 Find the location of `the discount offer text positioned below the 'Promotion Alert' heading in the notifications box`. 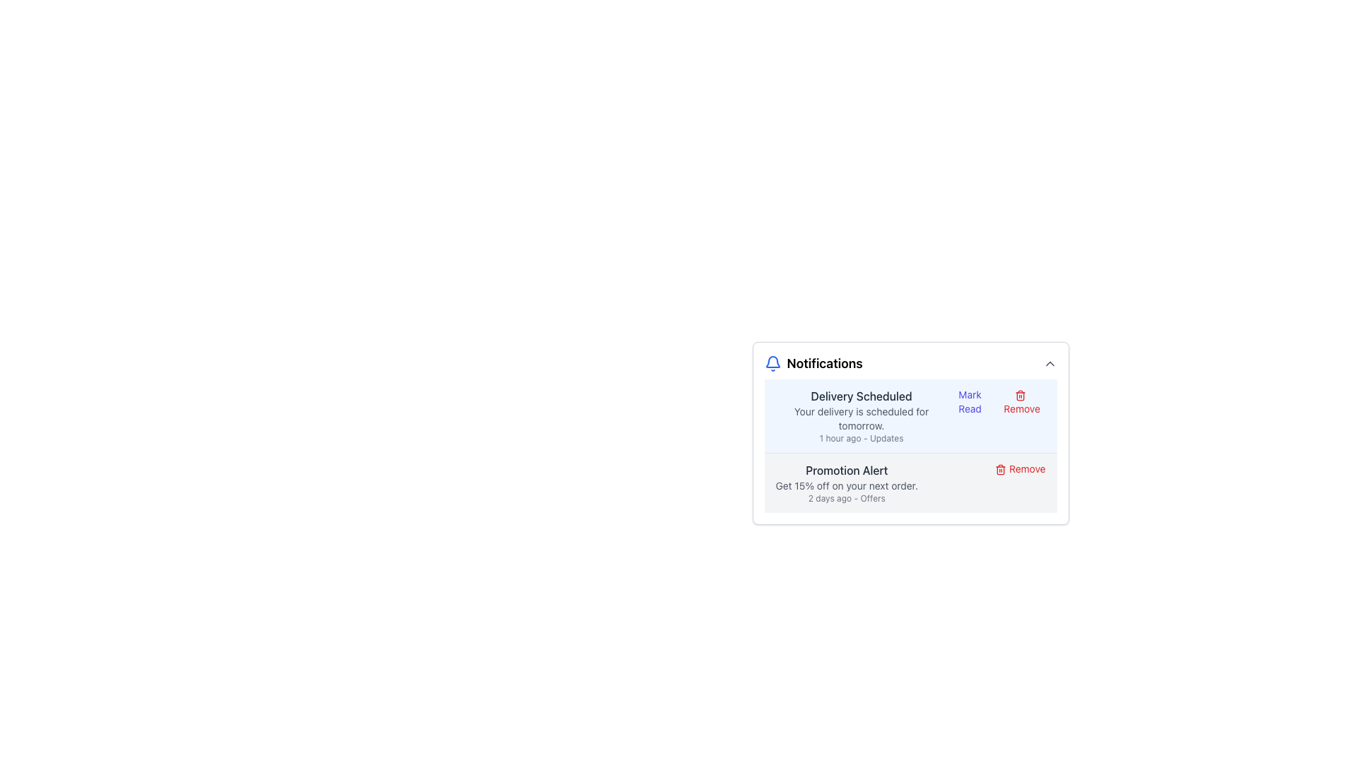

the discount offer text positioned below the 'Promotion Alert' heading in the notifications box is located at coordinates (847, 485).